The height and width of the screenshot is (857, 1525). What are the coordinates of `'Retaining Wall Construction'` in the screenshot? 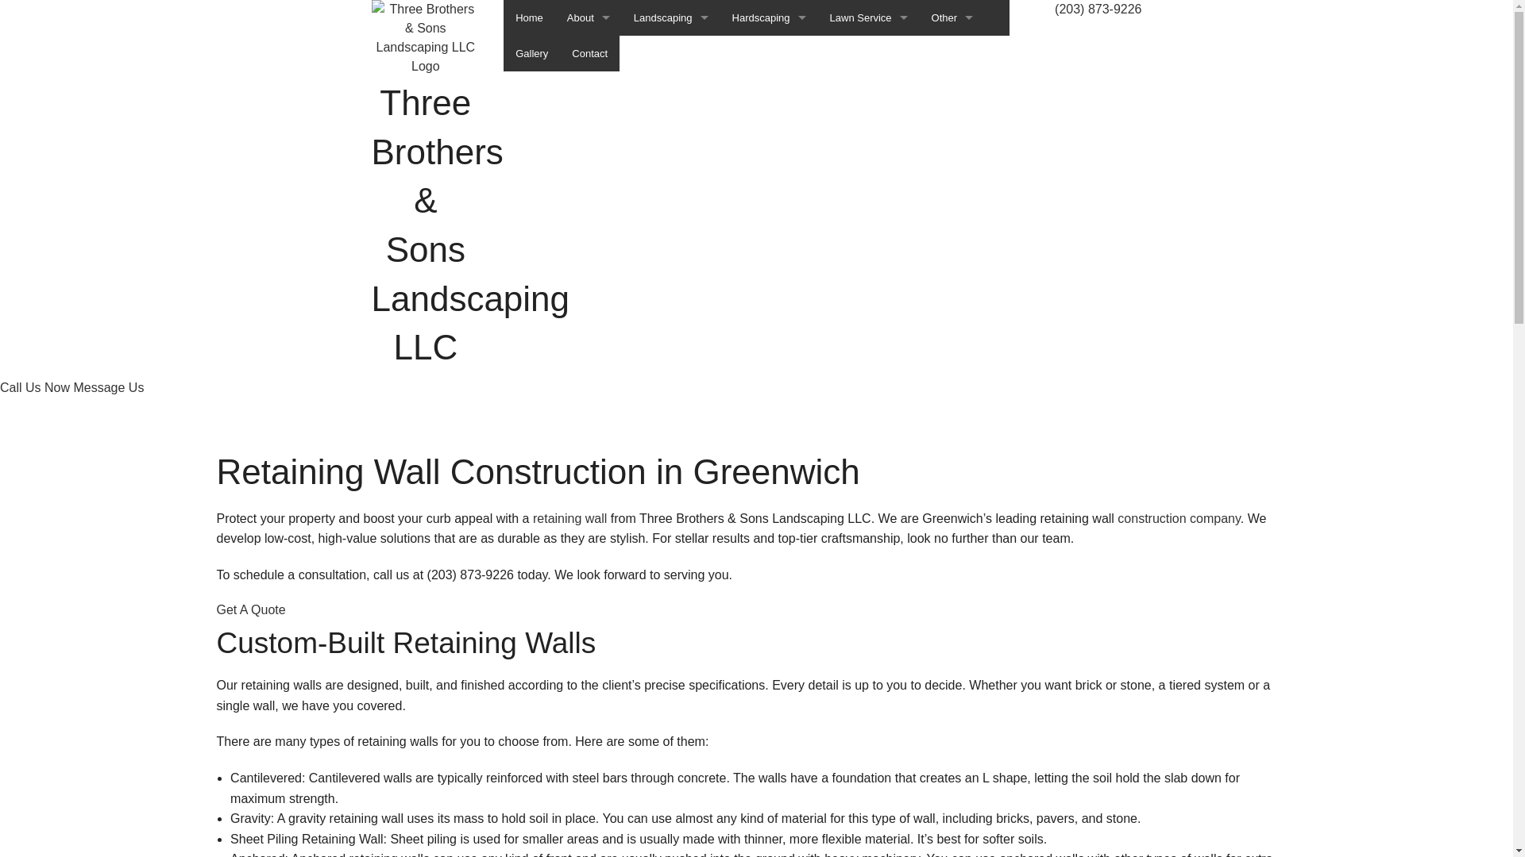 It's located at (769, 195).